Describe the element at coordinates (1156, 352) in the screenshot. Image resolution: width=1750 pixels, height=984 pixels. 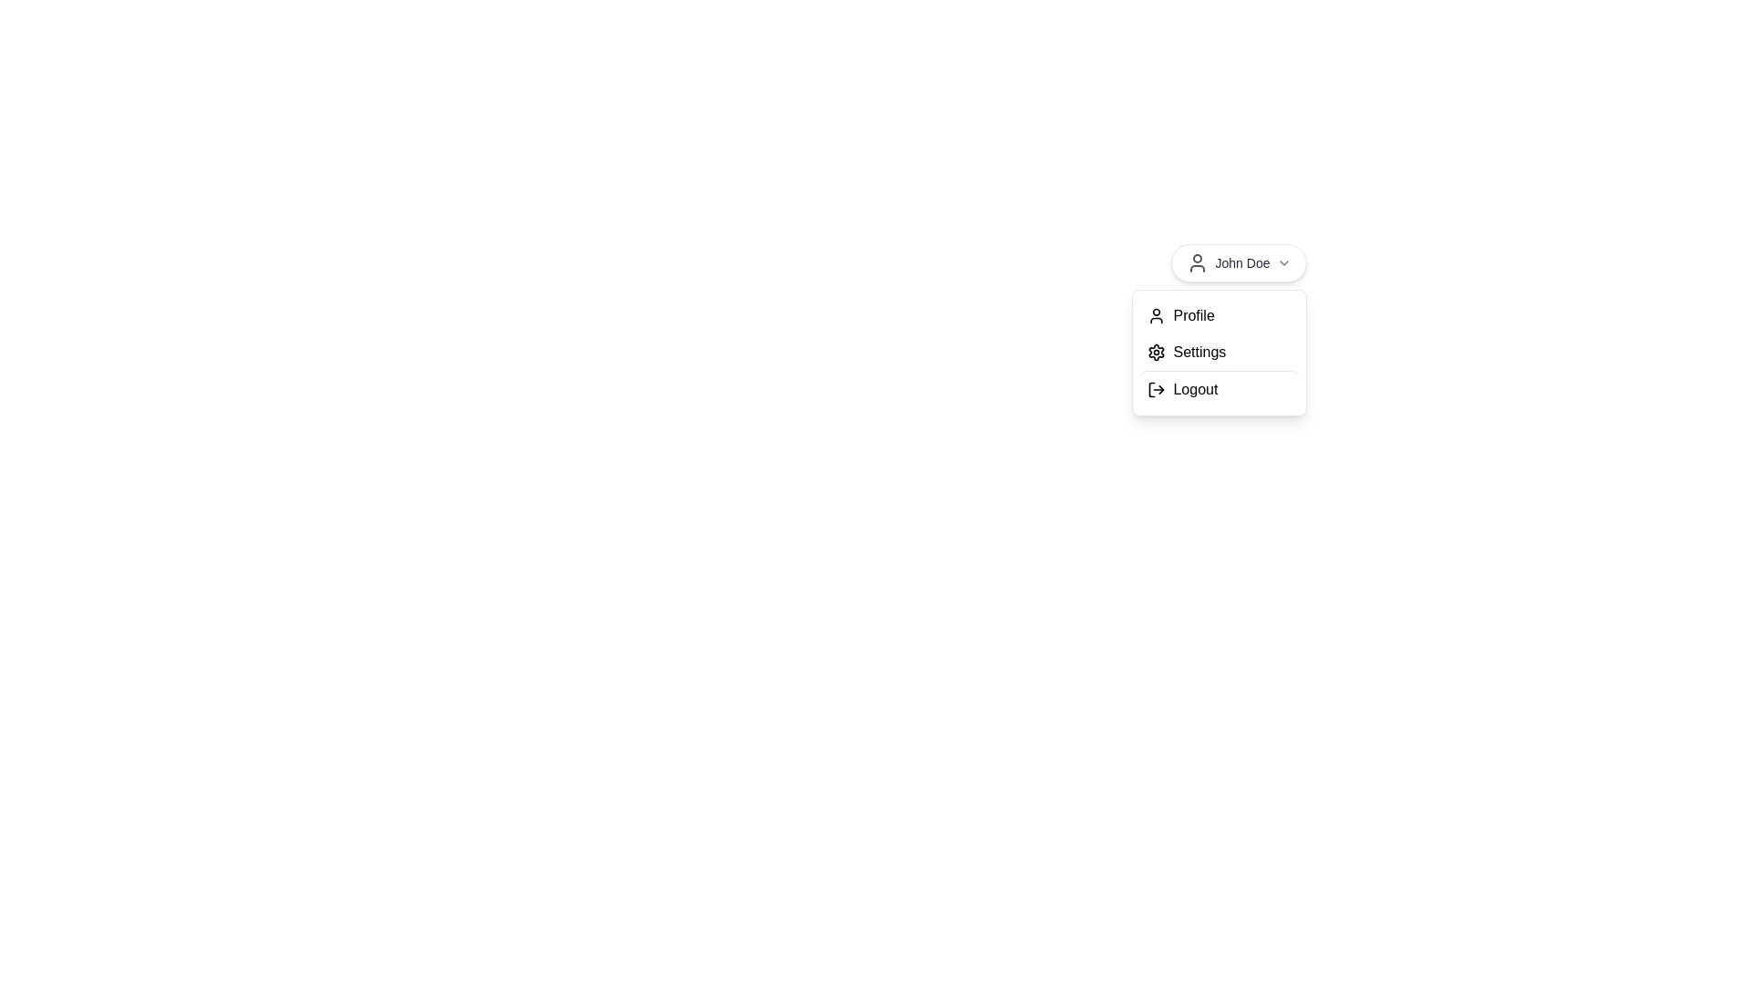
I see `the gear-shaped icon located within the dropdown menu, positioned second from the top` at that location.